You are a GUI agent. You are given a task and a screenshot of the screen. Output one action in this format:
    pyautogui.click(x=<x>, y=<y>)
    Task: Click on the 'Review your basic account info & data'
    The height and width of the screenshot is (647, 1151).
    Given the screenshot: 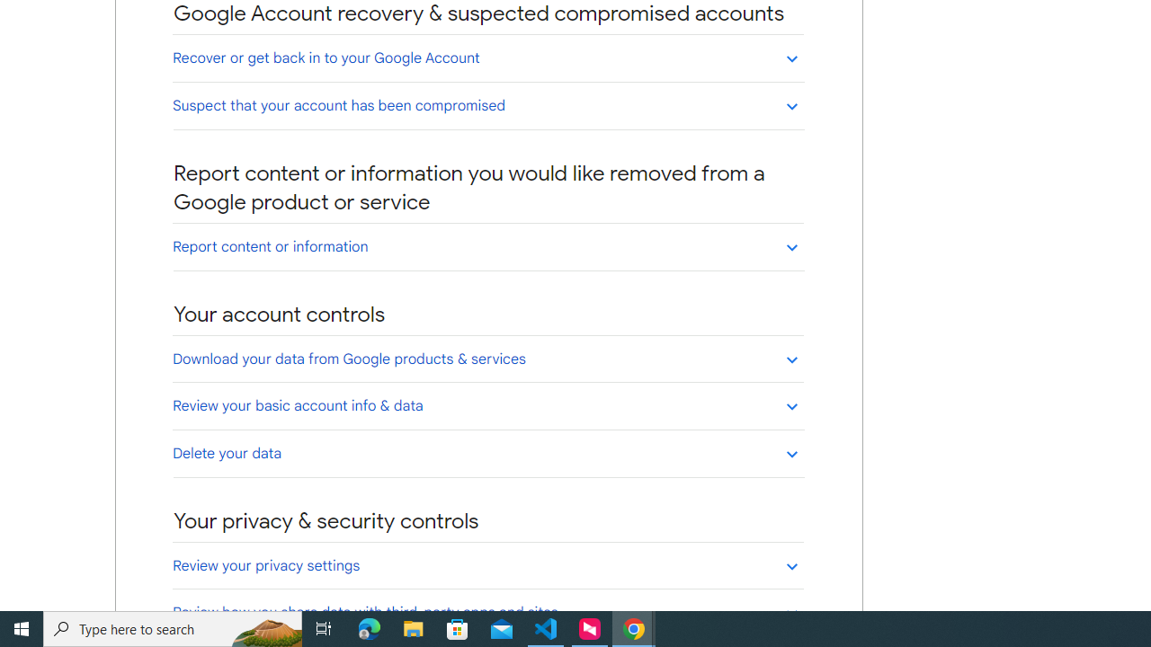 What is the action you would take?
    pyautogui.click(x=487, y=405)
    